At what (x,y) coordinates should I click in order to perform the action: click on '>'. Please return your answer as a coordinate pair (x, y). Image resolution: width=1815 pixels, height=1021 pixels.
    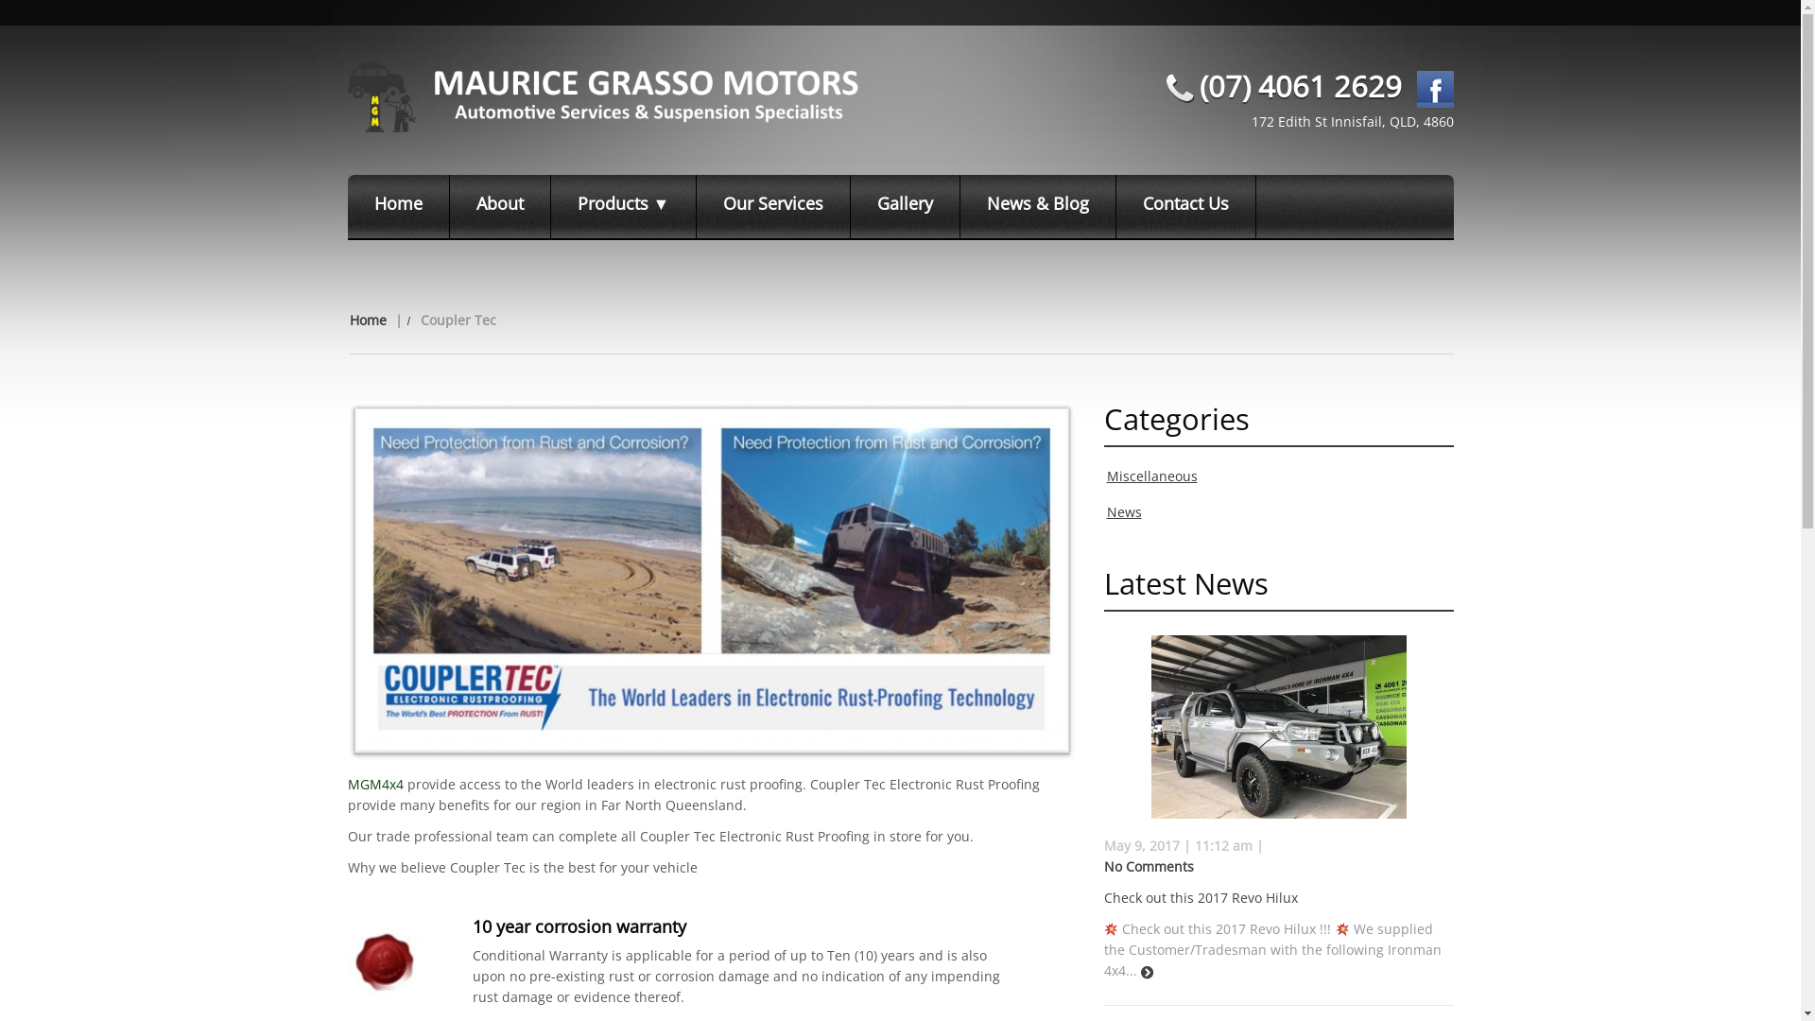
    Looking at the image, I should click on (1146, 973).